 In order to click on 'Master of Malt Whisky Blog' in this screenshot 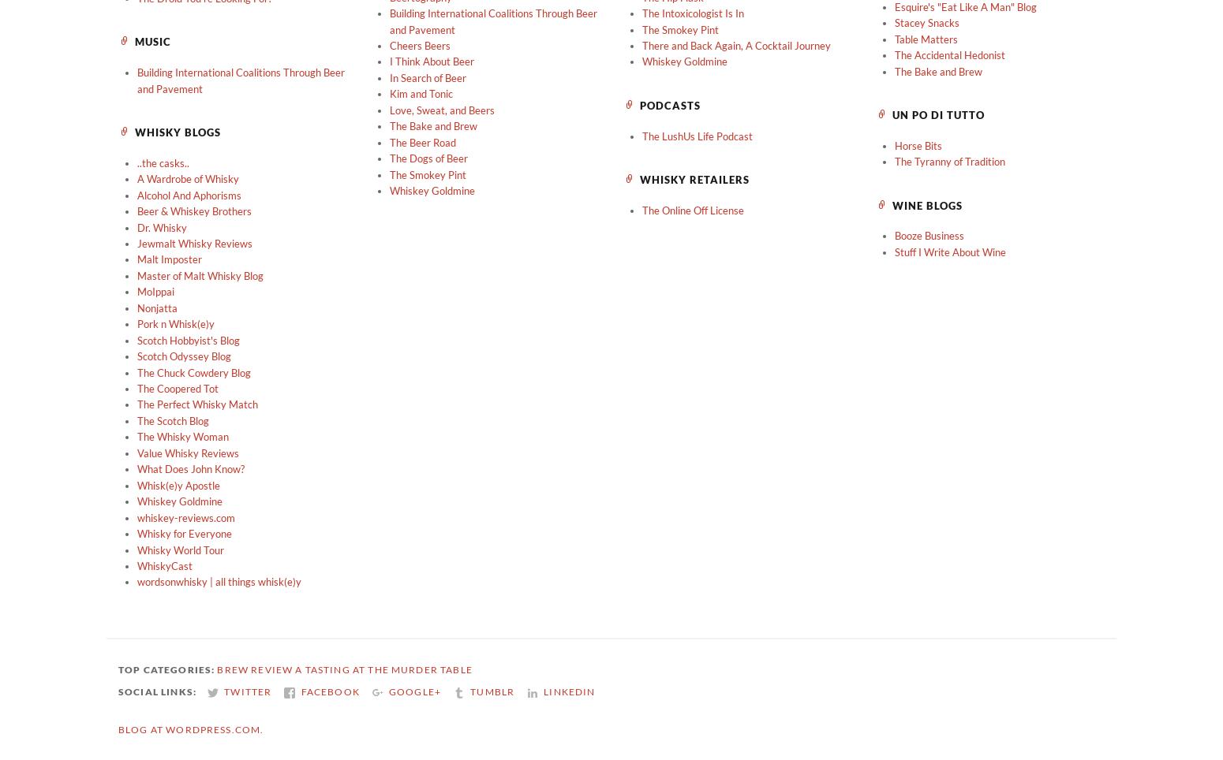, I will do `click(200, 274)`.